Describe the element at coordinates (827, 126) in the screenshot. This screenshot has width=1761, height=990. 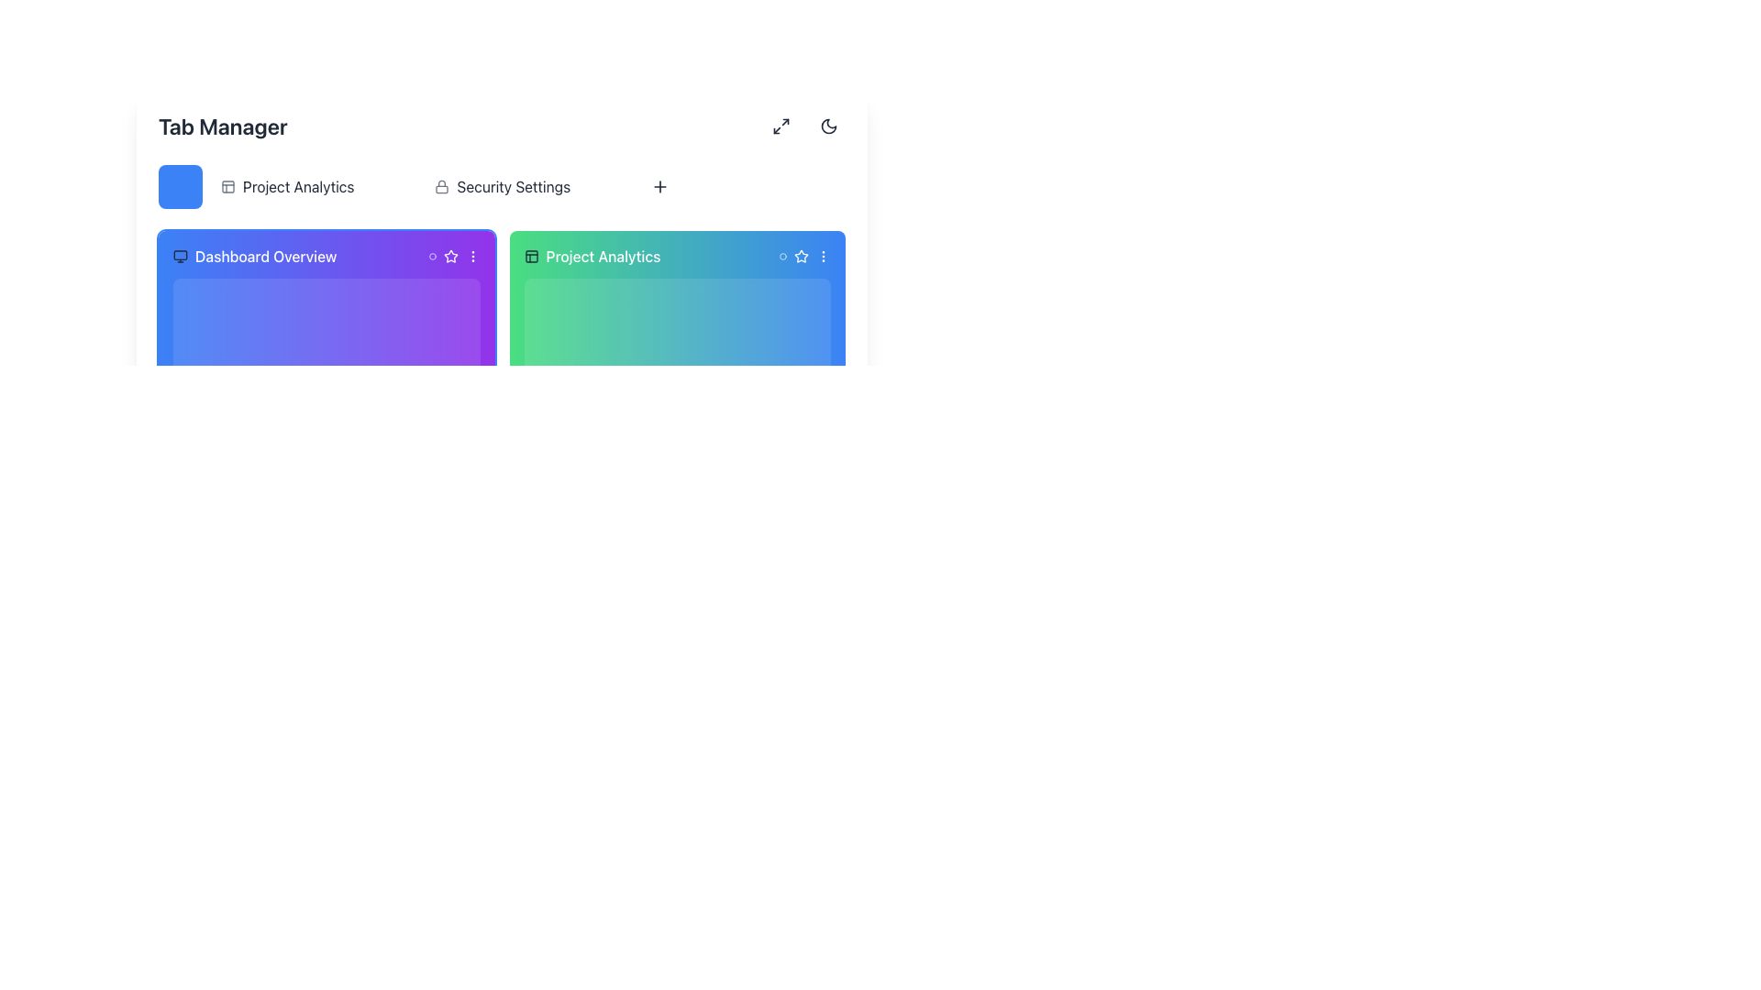
I see `the crescent moon icon located in the top right section of the interface` at that location.